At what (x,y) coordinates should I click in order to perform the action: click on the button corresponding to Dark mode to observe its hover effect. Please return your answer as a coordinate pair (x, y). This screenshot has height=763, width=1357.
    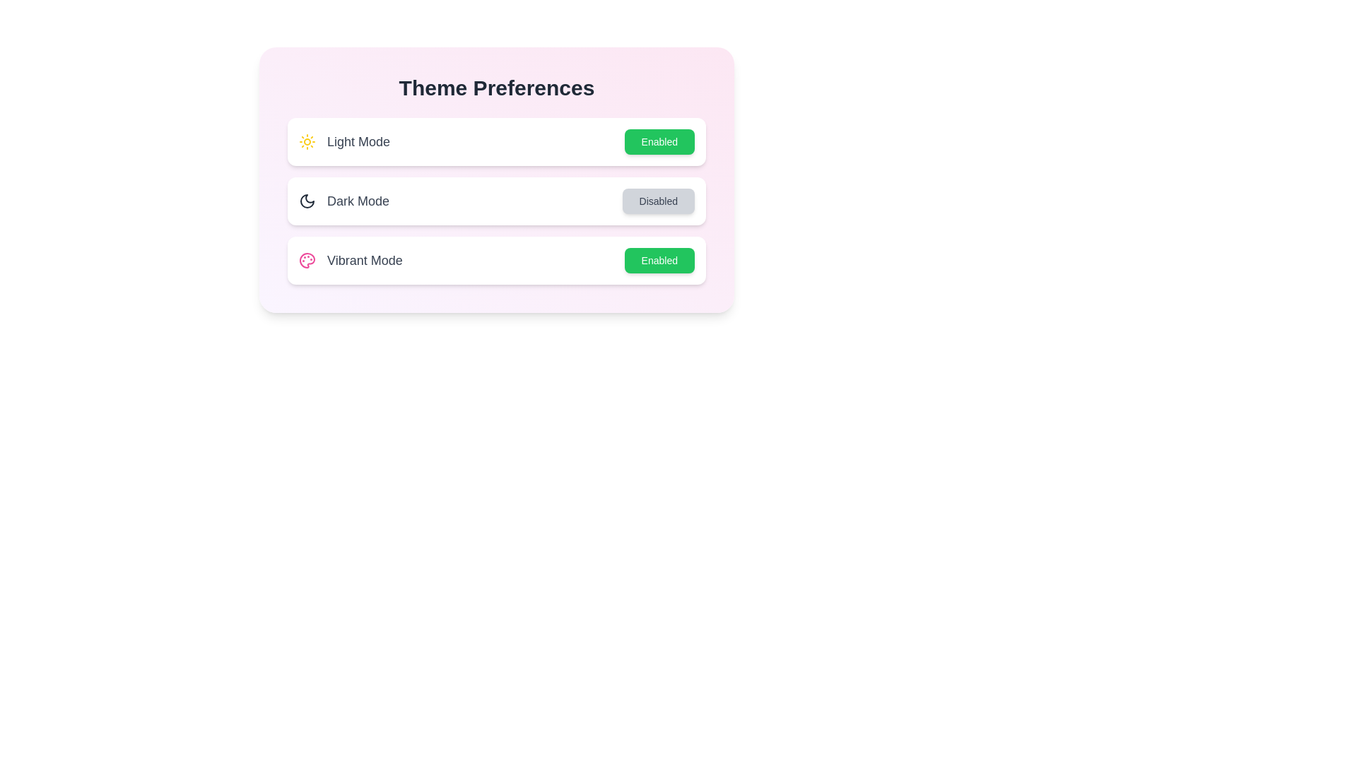
    Looking at the image, I should click on (657, 201).